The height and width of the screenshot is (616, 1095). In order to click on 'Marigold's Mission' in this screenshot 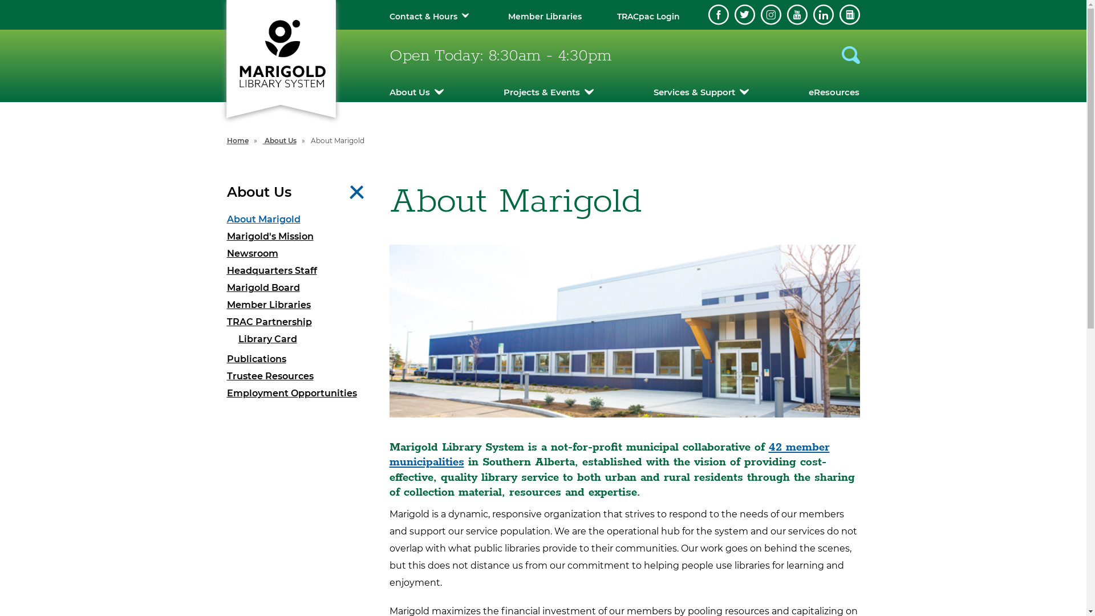, I will do `click(299, 236)`.